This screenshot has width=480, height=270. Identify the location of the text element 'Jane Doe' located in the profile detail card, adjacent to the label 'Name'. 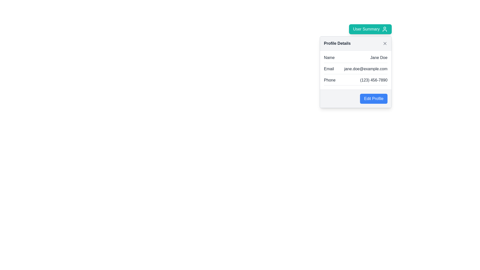
(379, 57).